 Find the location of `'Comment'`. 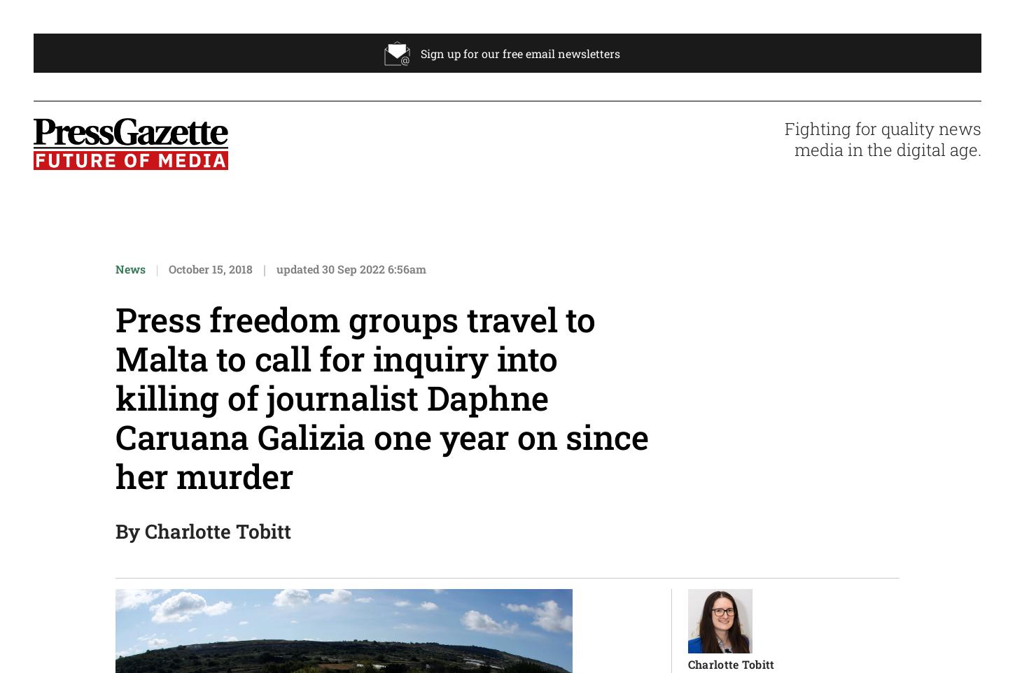

'Comment' is located at coordinates (564, 287).